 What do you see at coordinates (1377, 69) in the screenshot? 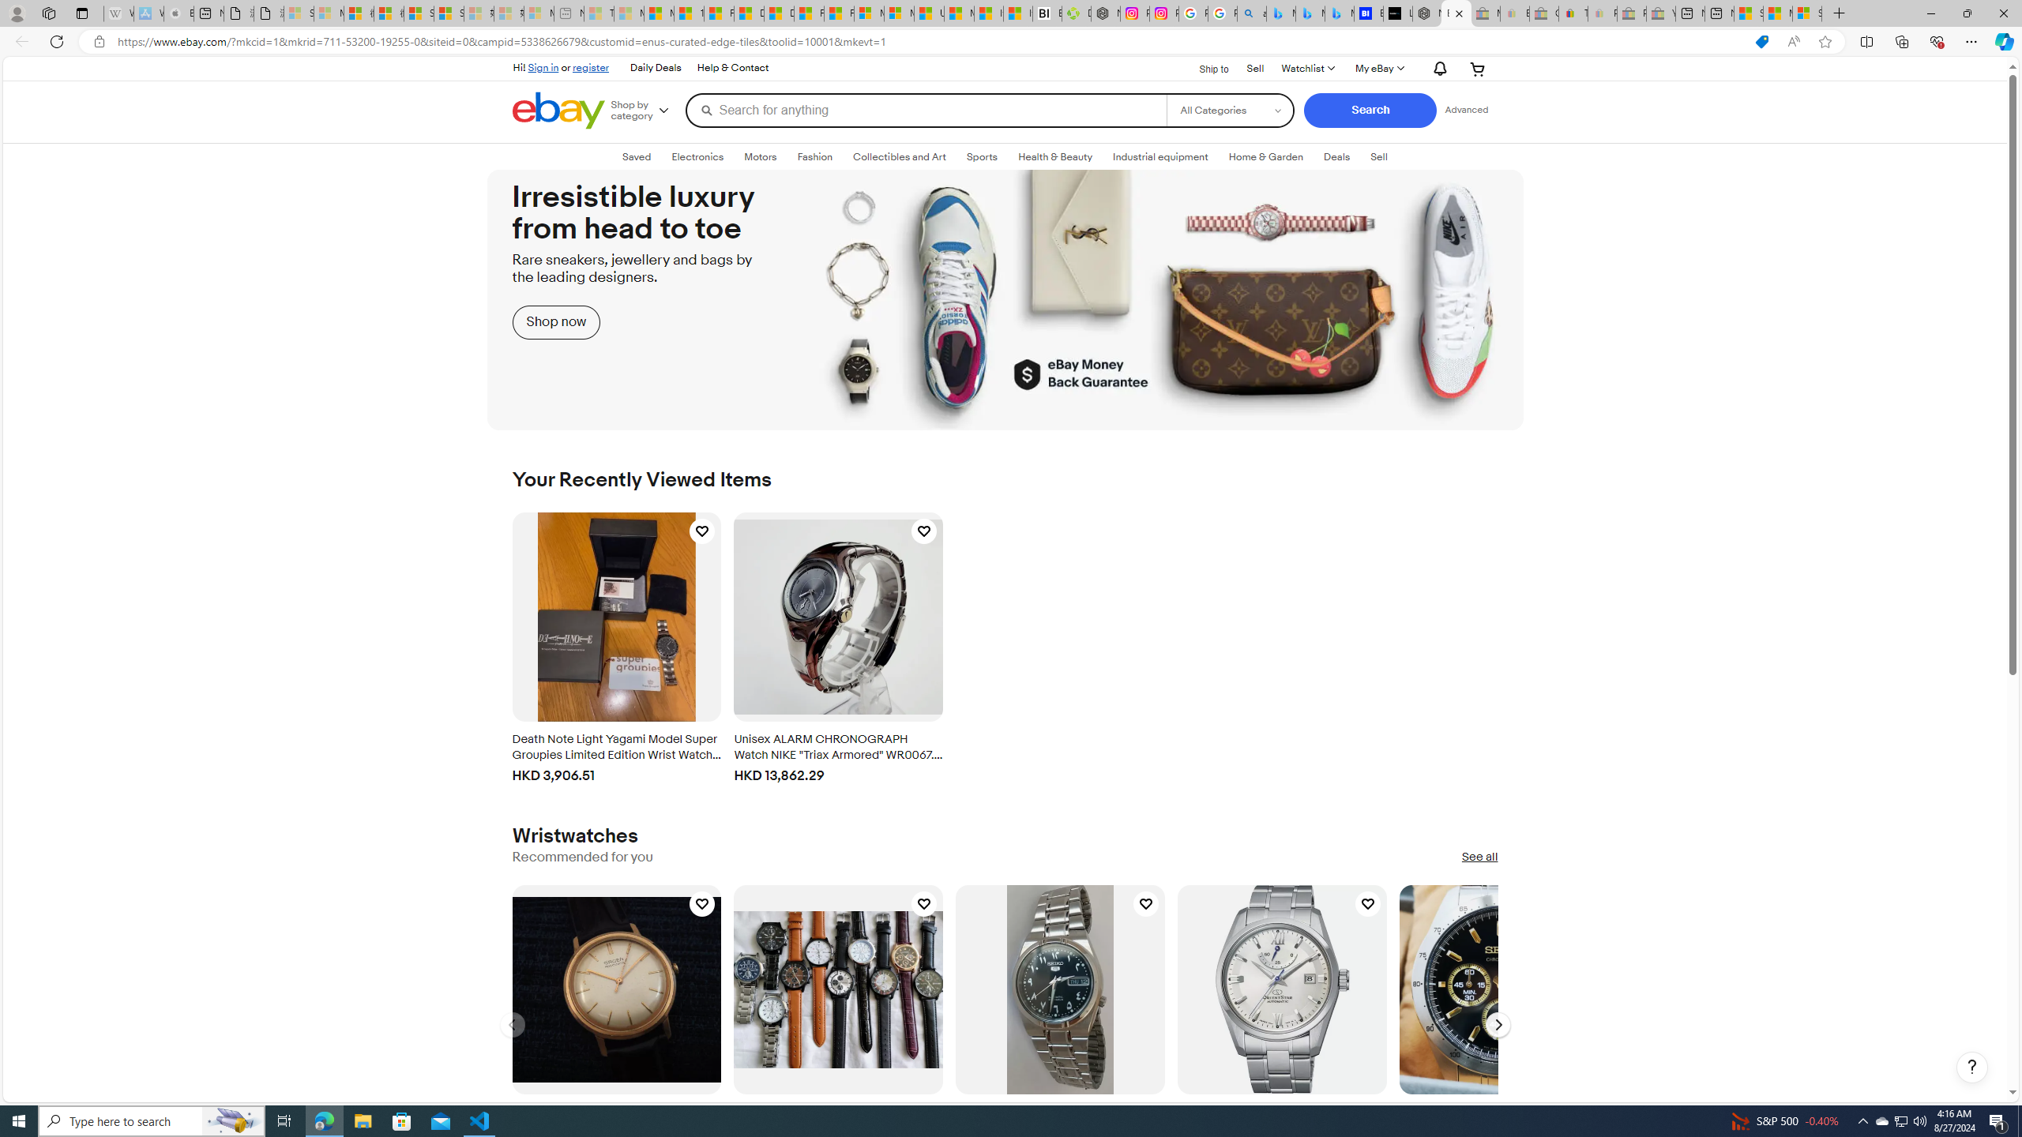
I see `'My eBayExpand My eBay'` at bounding box center [1377, 69].